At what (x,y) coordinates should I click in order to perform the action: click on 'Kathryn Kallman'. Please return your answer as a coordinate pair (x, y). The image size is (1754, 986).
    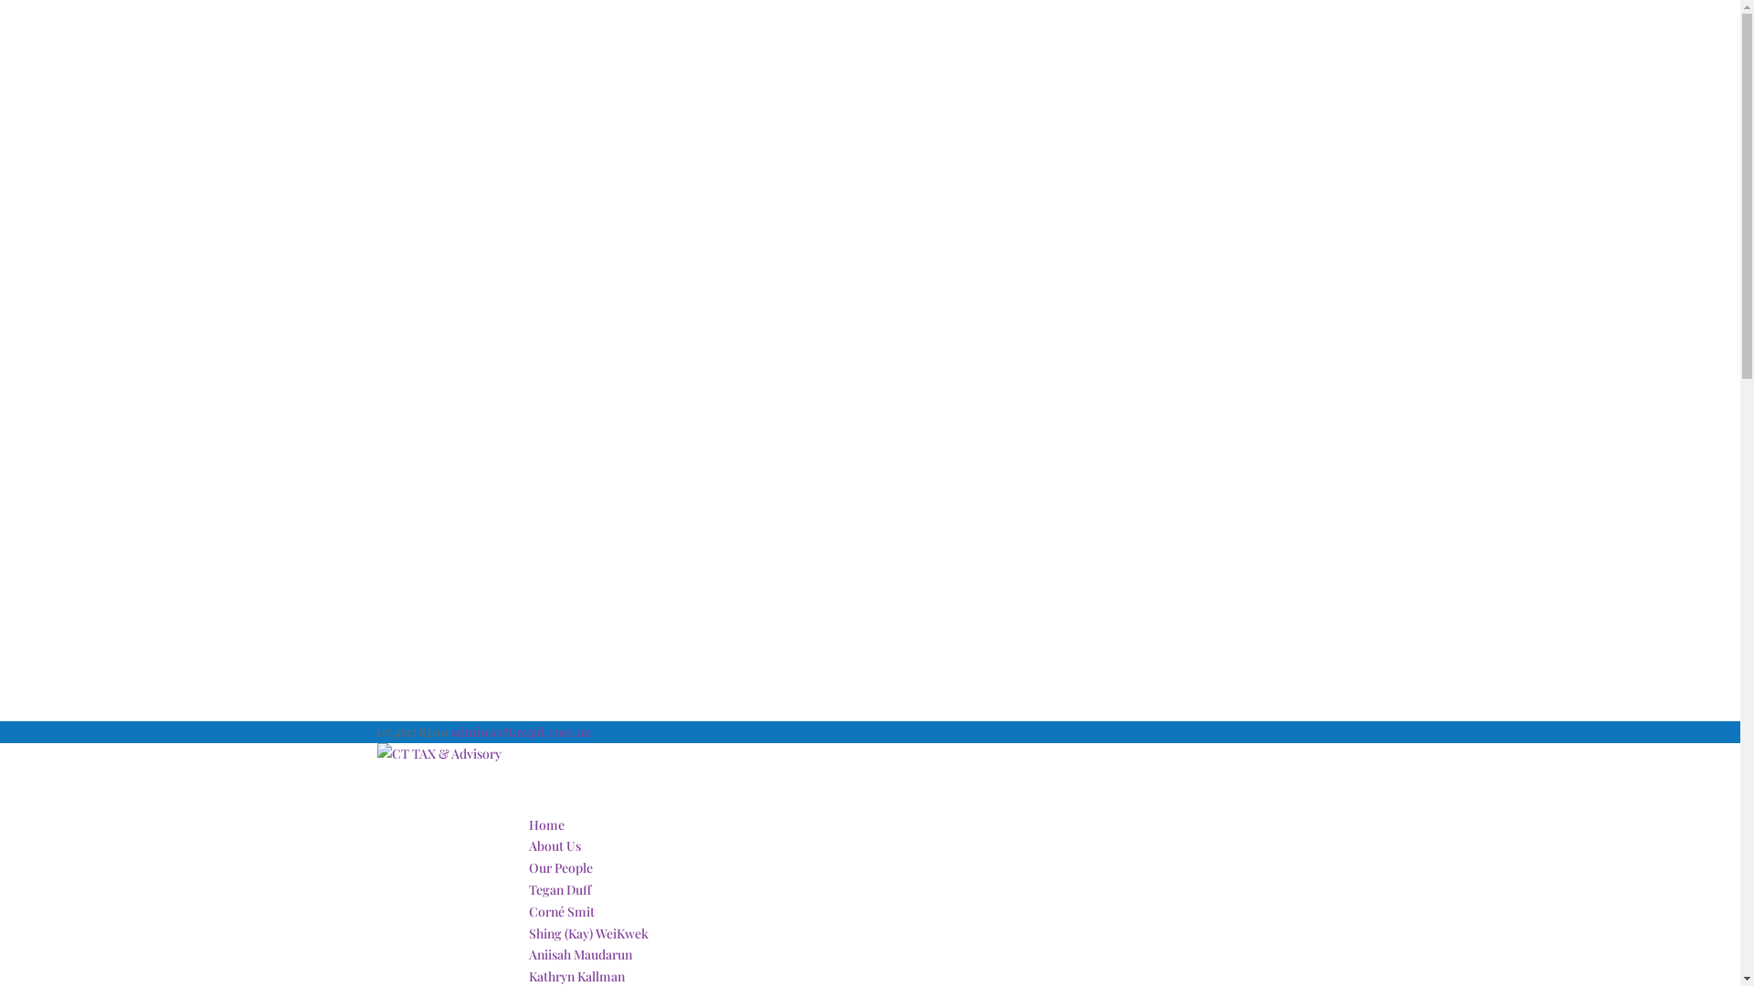
    Looking at the image, I should click on (575, 975).